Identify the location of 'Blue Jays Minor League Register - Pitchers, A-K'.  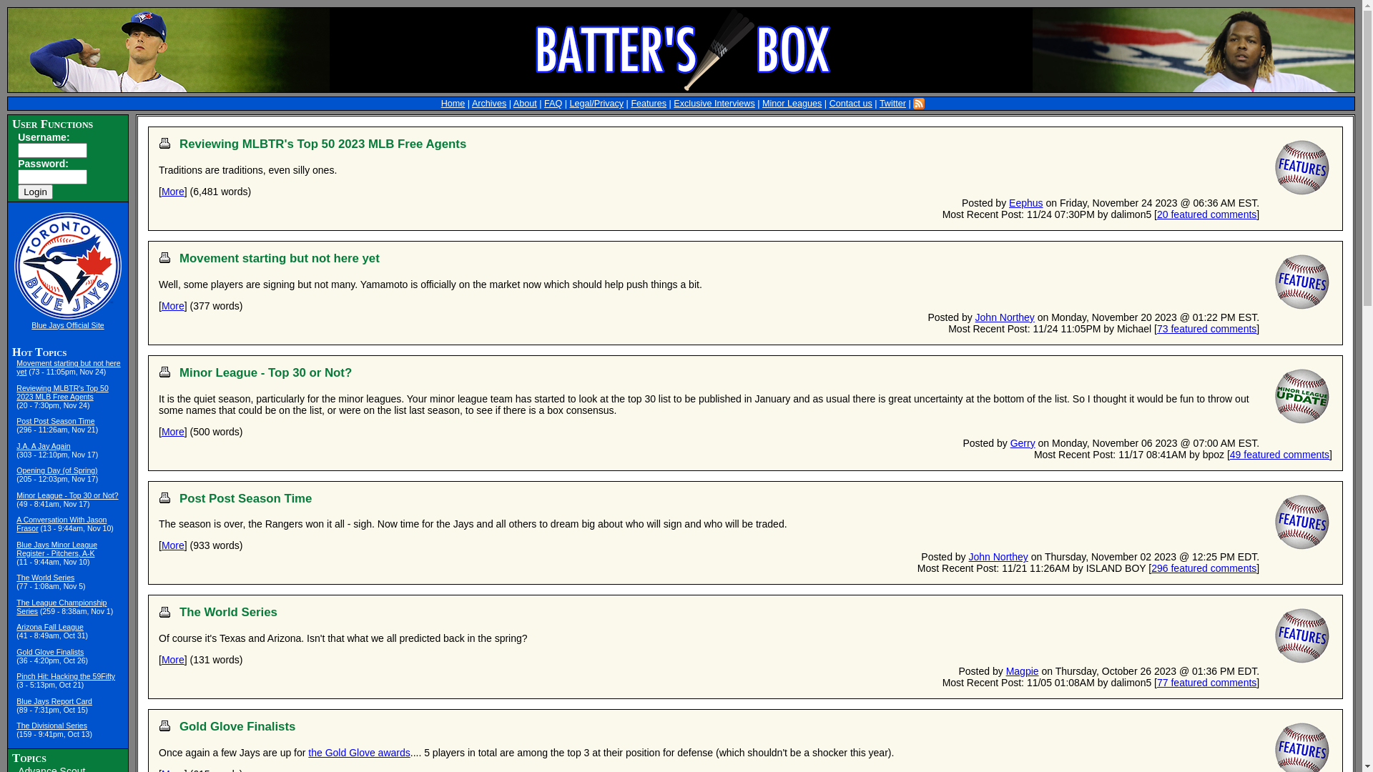
(16, 548).